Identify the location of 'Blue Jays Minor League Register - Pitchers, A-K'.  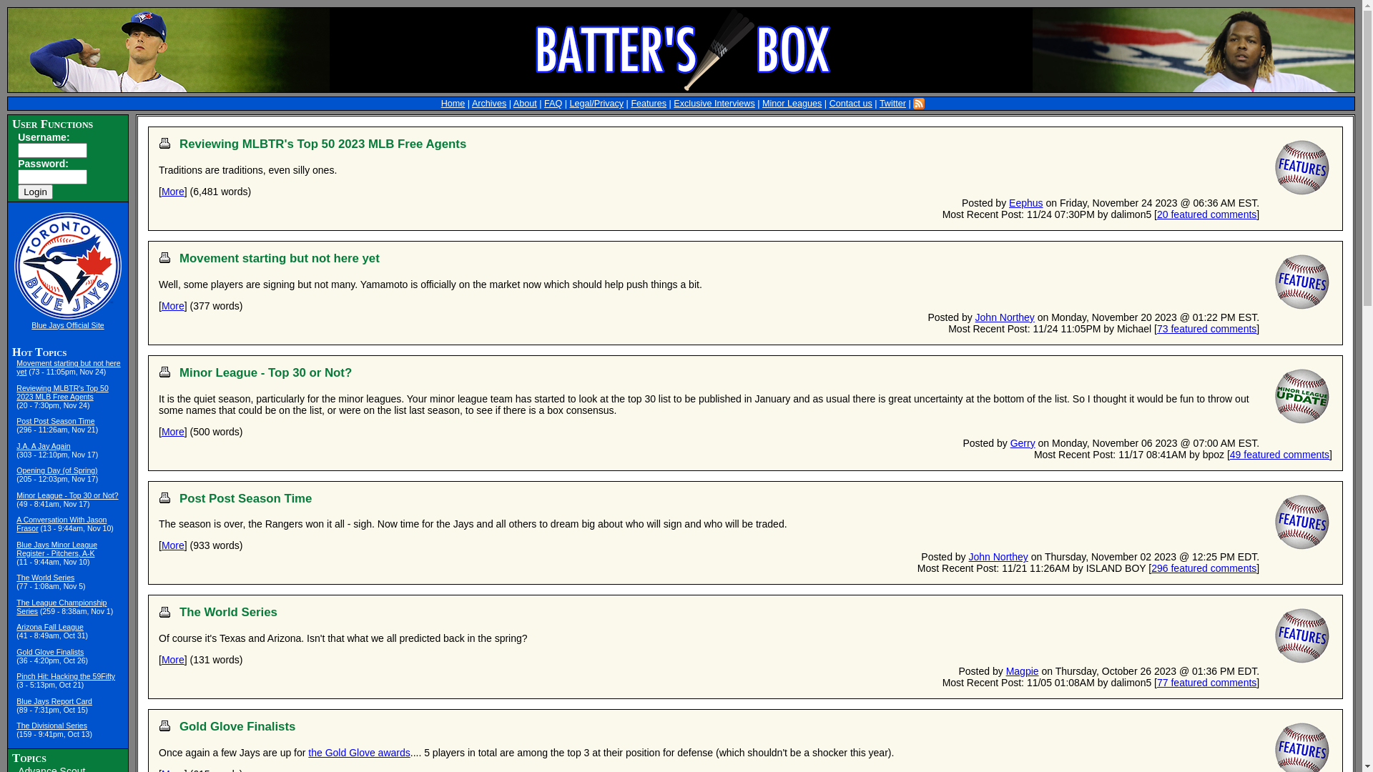
(16, 548).